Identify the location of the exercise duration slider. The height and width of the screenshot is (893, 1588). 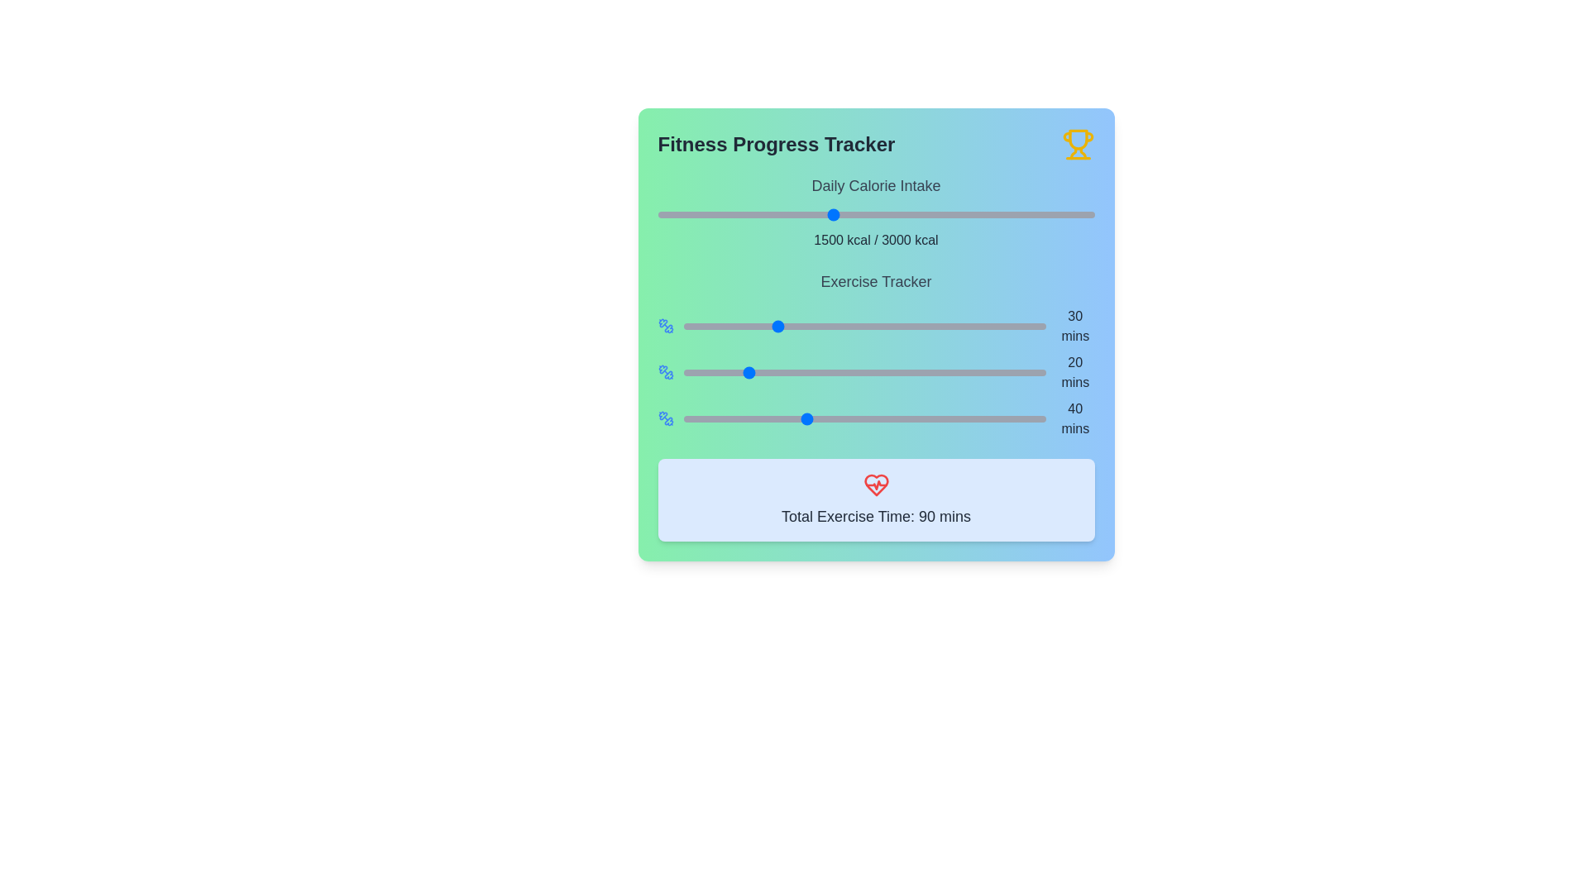
(731, 373).